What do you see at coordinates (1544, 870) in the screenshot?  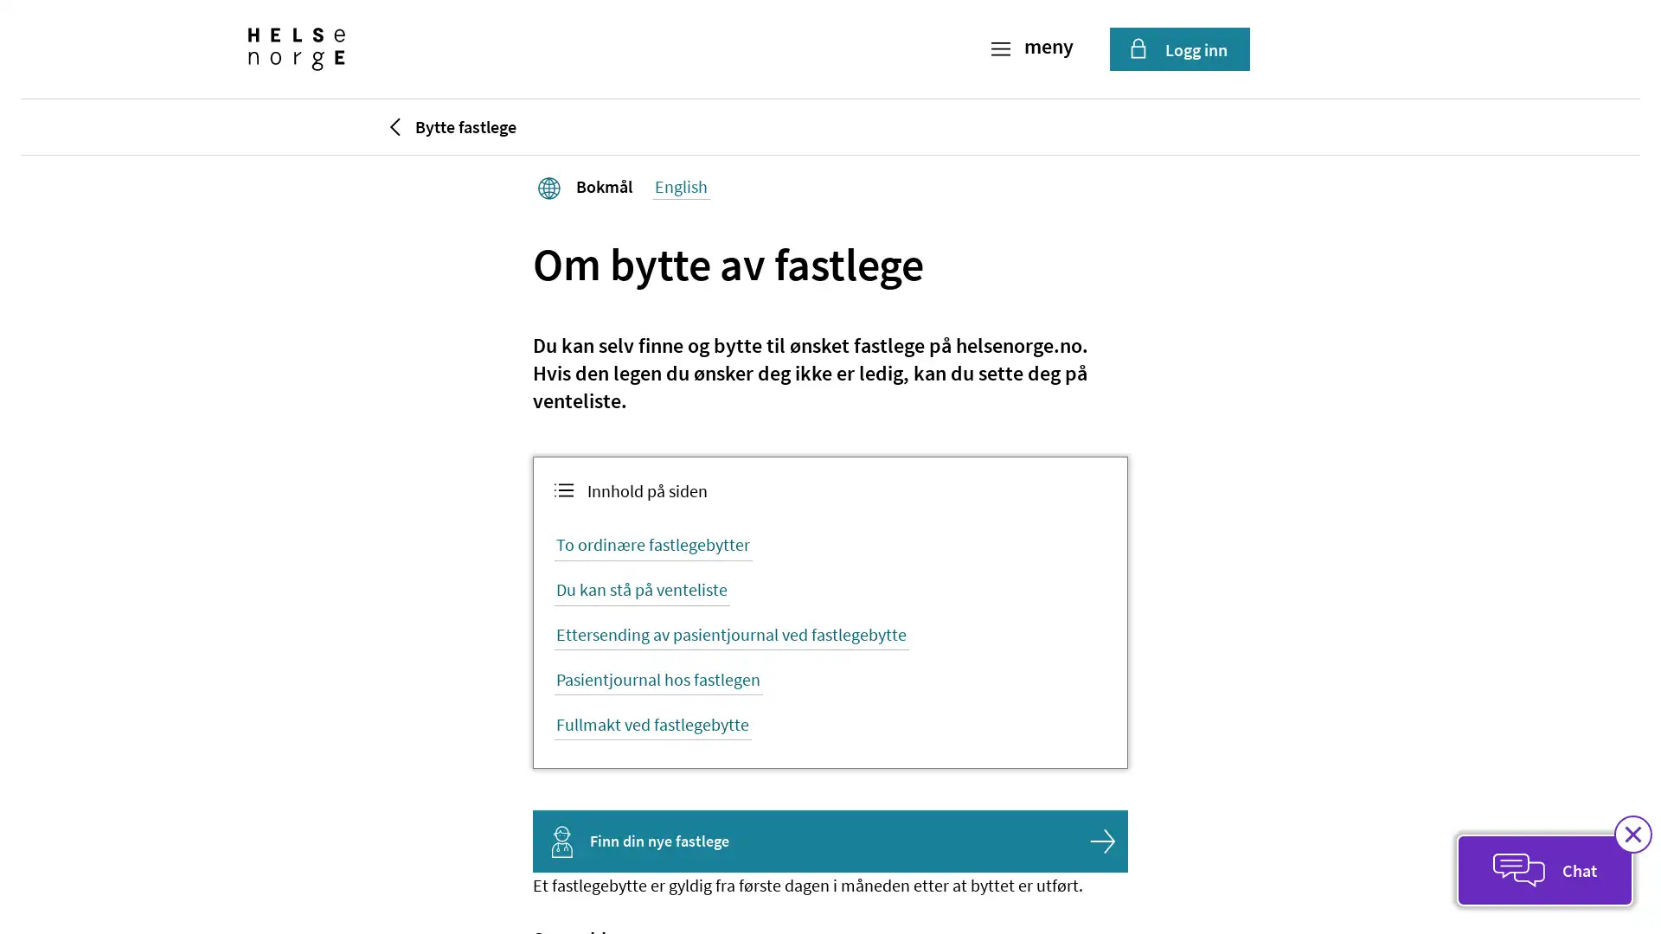 I see `Chat` at bounding box center [1544, 870].